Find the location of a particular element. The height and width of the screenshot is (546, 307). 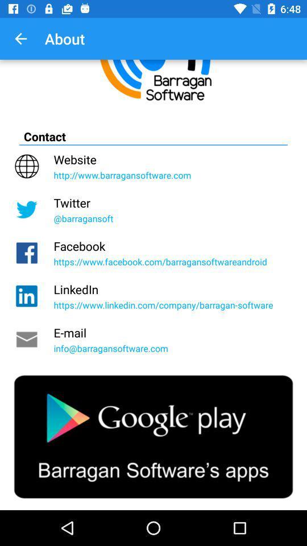

icon above the contact is located at coordinates (20, 39).